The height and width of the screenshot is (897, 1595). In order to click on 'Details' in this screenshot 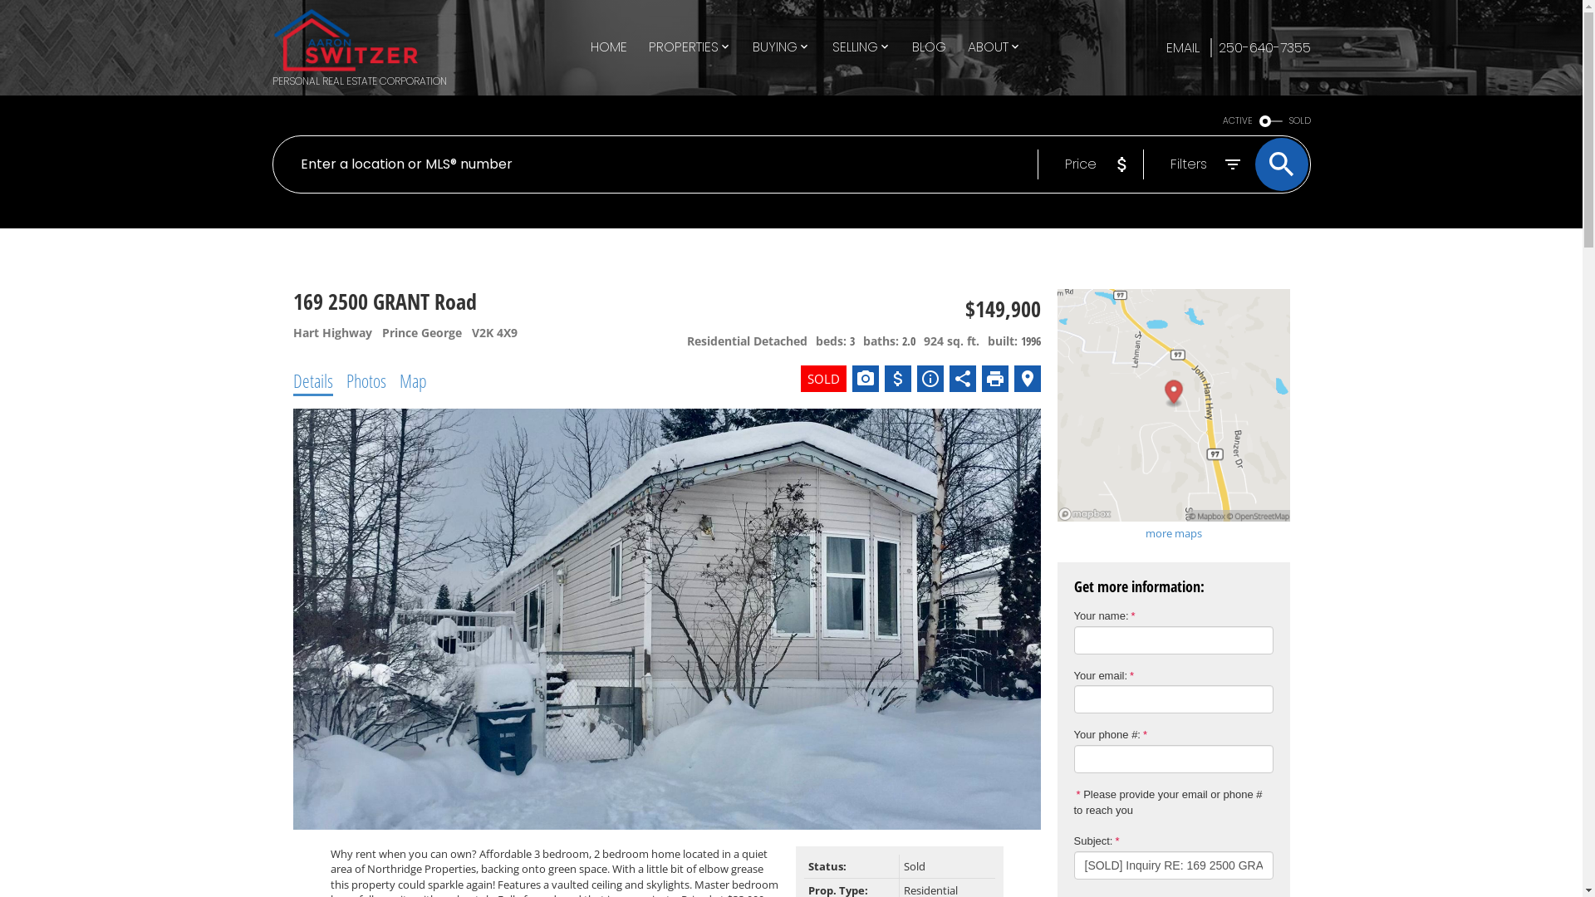, I will do `click(312, 380)`.